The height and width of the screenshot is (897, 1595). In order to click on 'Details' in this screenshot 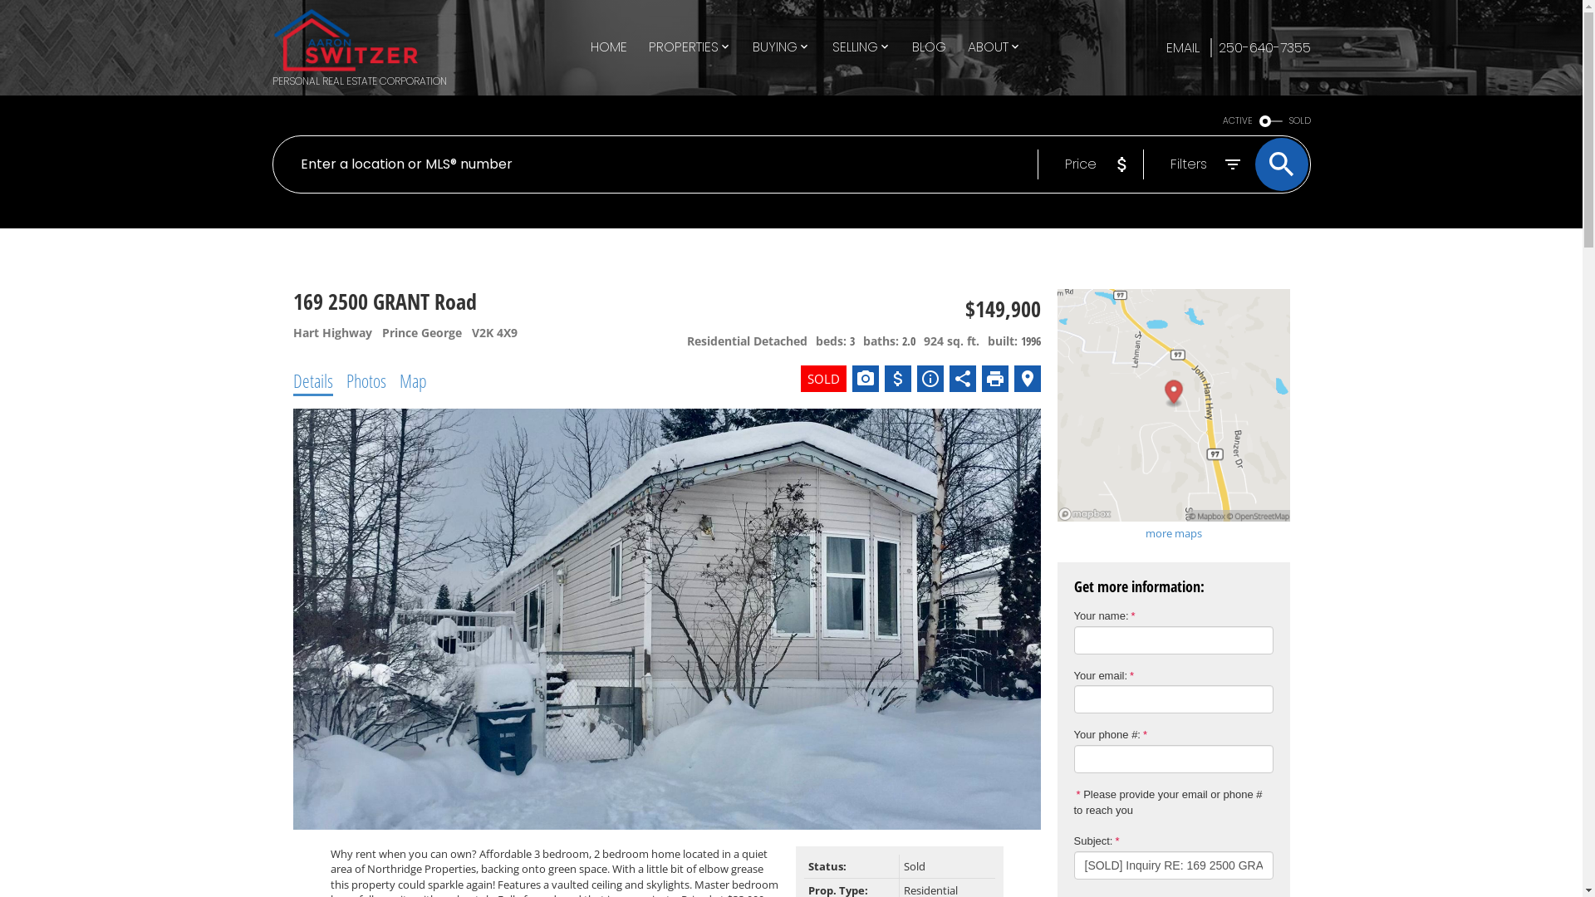, I will do `click(312, 380)`.